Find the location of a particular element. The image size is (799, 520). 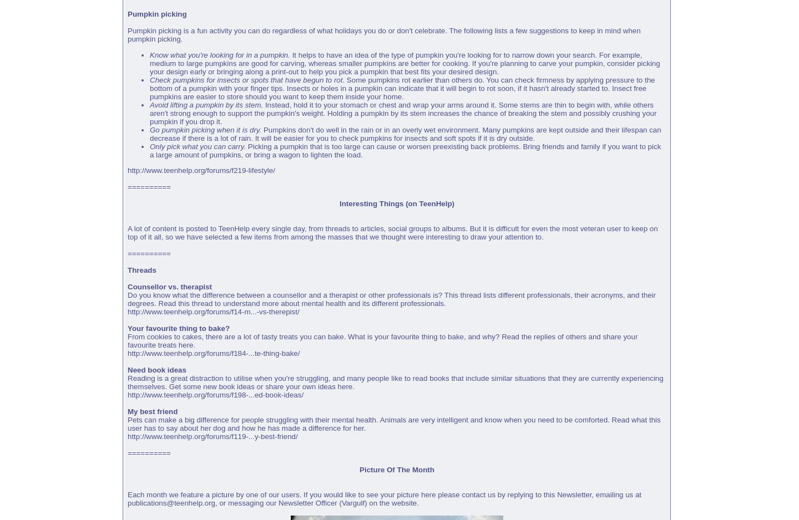

'Reading is a great distraction to utilise when you're struggling, and many people like to read books that include similar situations that they are currently experiencing themselves. Get some new book ideas or share your own ideas here.' is located at coordinates (395, 382).